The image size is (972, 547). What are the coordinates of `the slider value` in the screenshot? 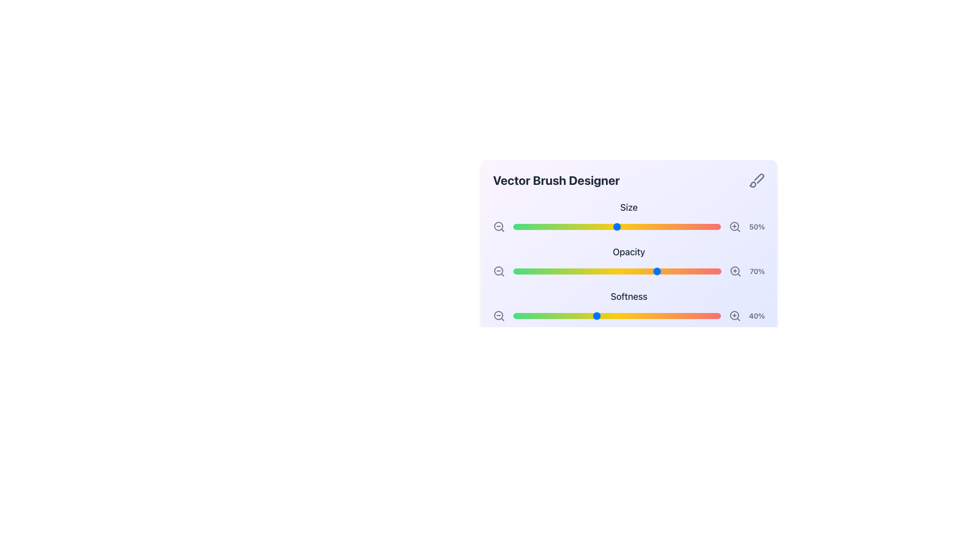 It's located at (667, 226).